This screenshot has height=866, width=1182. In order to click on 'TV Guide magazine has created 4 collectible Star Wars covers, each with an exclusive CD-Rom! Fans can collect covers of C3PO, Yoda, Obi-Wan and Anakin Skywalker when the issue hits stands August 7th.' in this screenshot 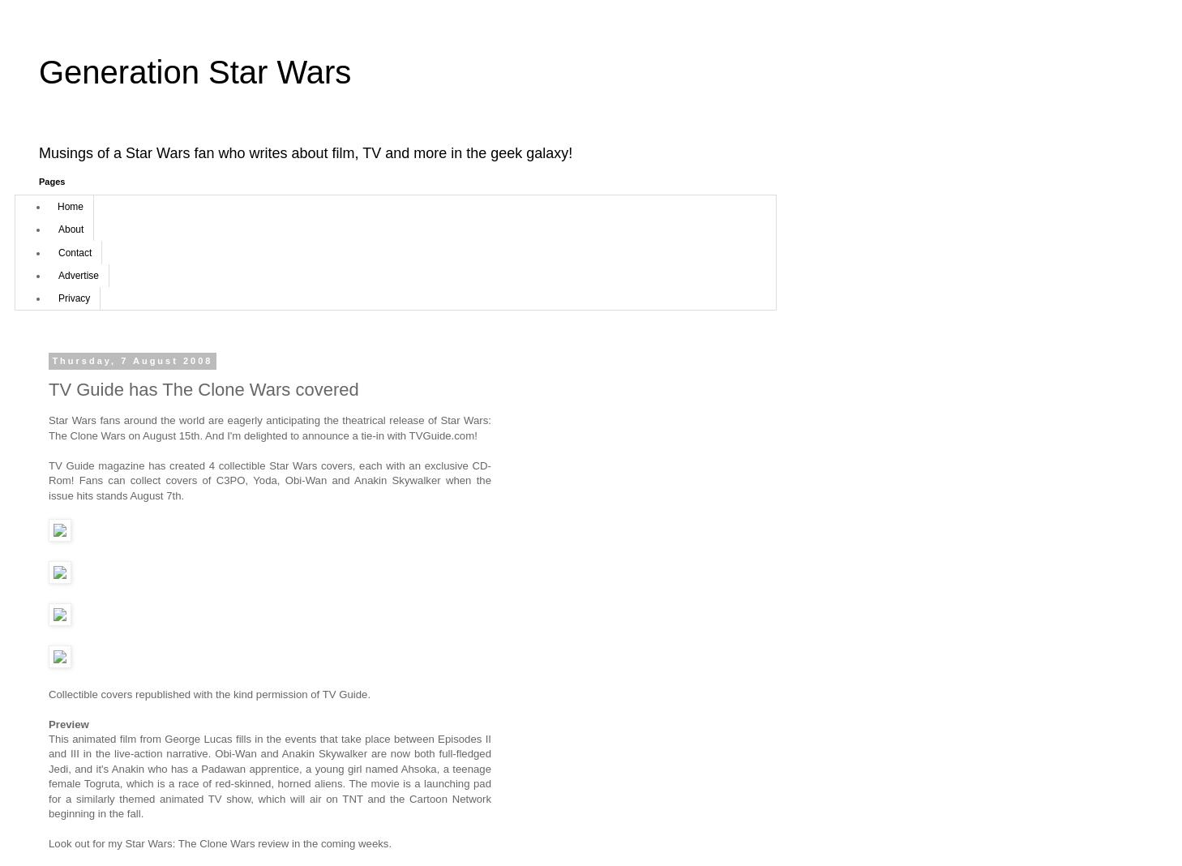, I will do `click(269, 478)`.